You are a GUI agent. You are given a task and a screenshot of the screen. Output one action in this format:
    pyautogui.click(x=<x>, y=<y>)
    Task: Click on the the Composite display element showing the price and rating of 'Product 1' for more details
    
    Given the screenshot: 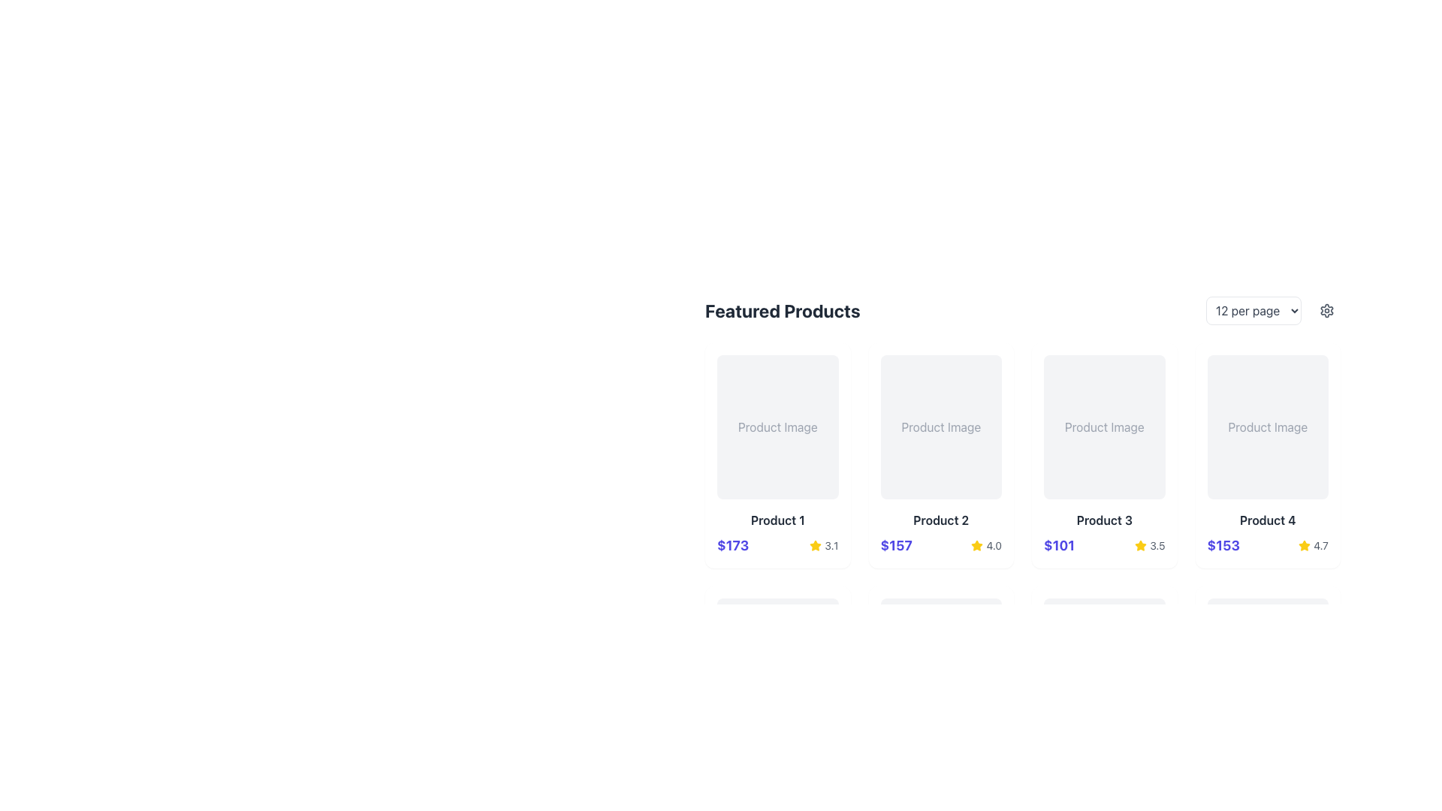 What is the action you would take?
    pyautogui.click(x=777, y=545)
    